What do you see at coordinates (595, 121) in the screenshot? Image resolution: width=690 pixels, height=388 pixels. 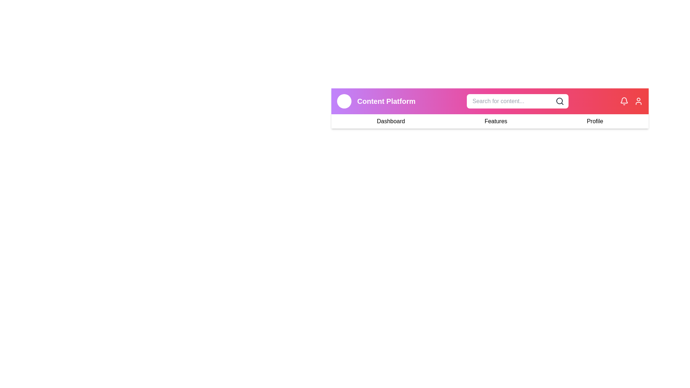 I see `the Profile navigation link` at bounding box center [595, 121].